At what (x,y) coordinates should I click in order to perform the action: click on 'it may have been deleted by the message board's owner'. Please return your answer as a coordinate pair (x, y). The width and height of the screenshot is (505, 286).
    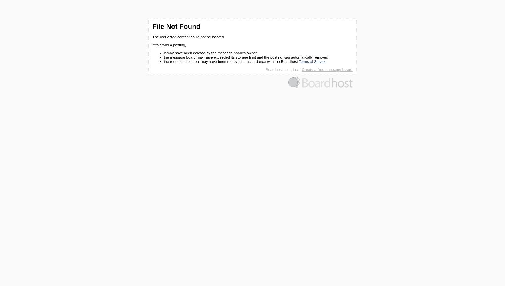
    Looking at the image, I should click on (210, 53).